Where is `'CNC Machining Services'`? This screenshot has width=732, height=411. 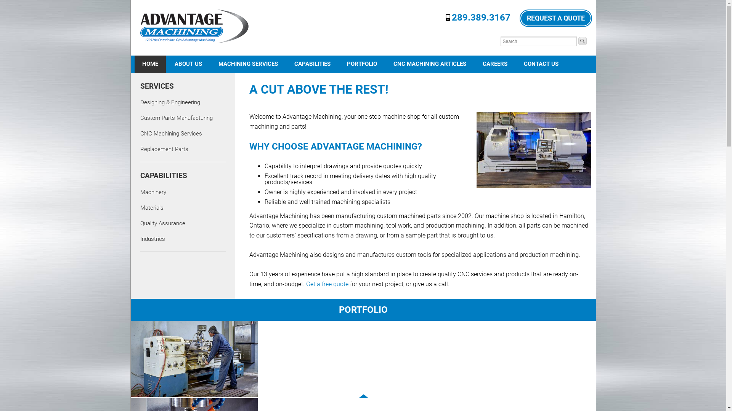
'CNC Machining Services' is located at coordinates (171, 133).